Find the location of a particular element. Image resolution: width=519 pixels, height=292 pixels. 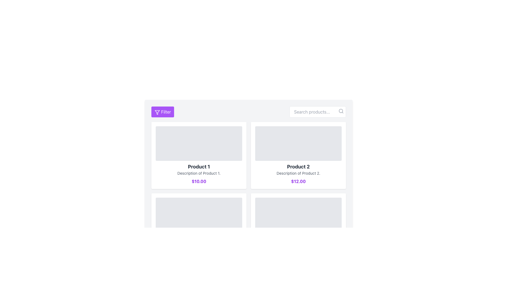

the text label providing descriptive information about 'Product 1', which is located in the second line of the content block directly below the title 'Product 1' is located at coordinates (198, 173).